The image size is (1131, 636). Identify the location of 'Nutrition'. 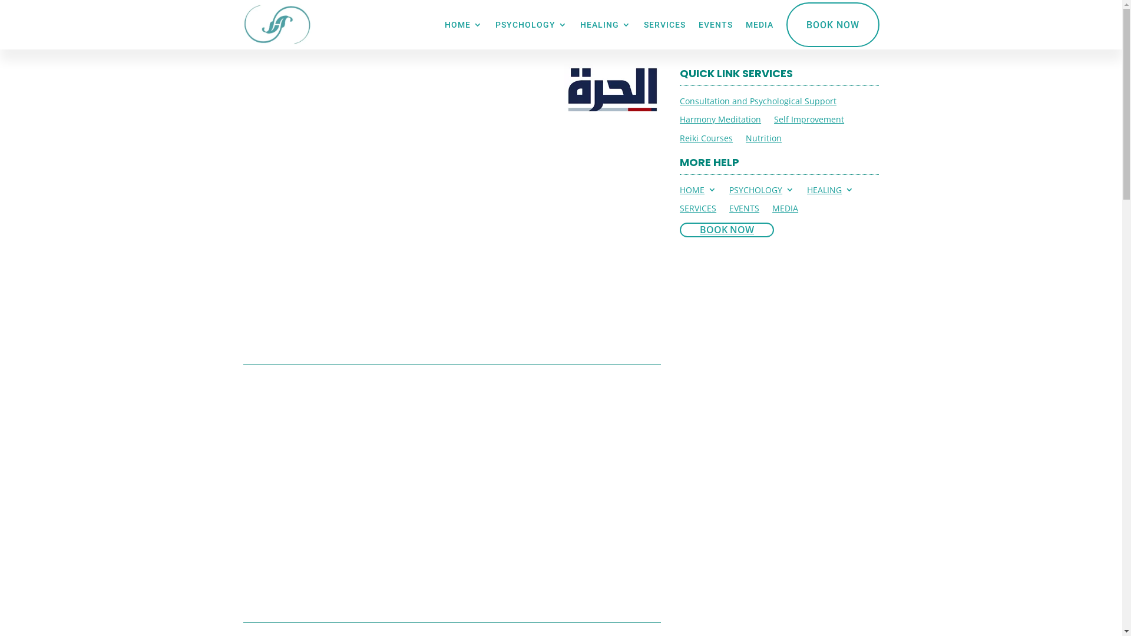
(763, 140).